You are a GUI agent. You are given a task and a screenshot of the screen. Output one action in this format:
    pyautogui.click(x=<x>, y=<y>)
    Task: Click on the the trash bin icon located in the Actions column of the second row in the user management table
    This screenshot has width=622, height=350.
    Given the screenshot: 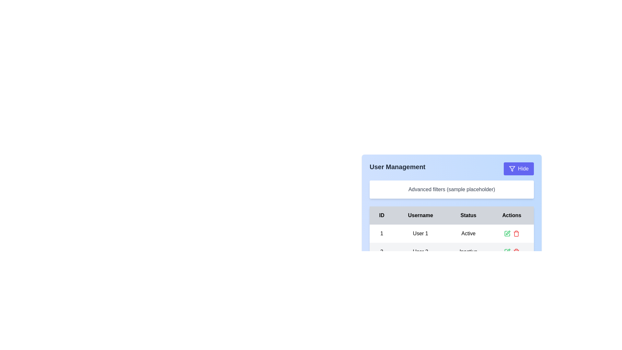 What is the action you would take?
    pyautogui.click(x=516, y=234)
    